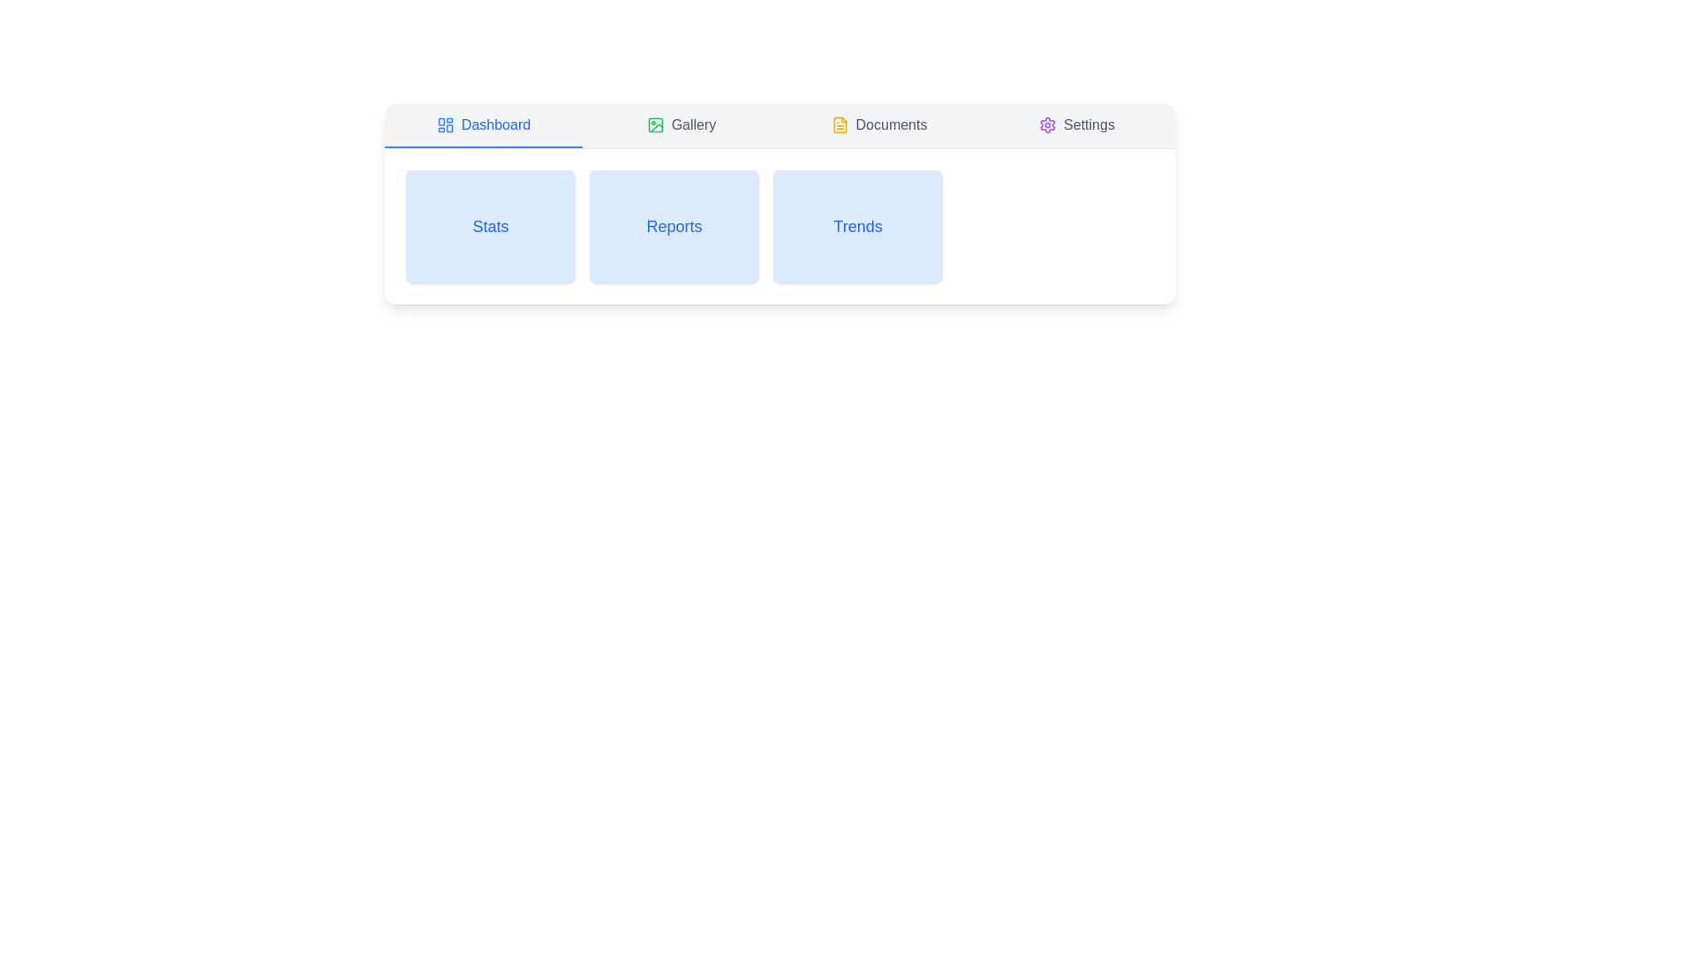 This screenshot has width=1695, height=953. Describe the element at coordinates (494, 124) in the screenshot. I see `the interactive Text label located near the top left of the interface, which serves as a navigation option to the Dashboard section` at that location.